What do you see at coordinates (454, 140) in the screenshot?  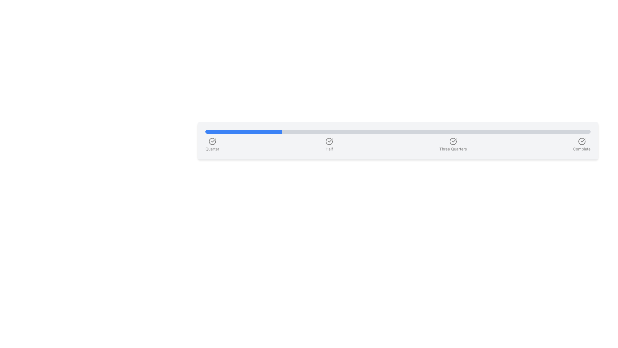 I see `the checkmark icon that symbolizes a completed state for the 'Three Quarters' segment of the progress bar` at bounding box center [454, 140].